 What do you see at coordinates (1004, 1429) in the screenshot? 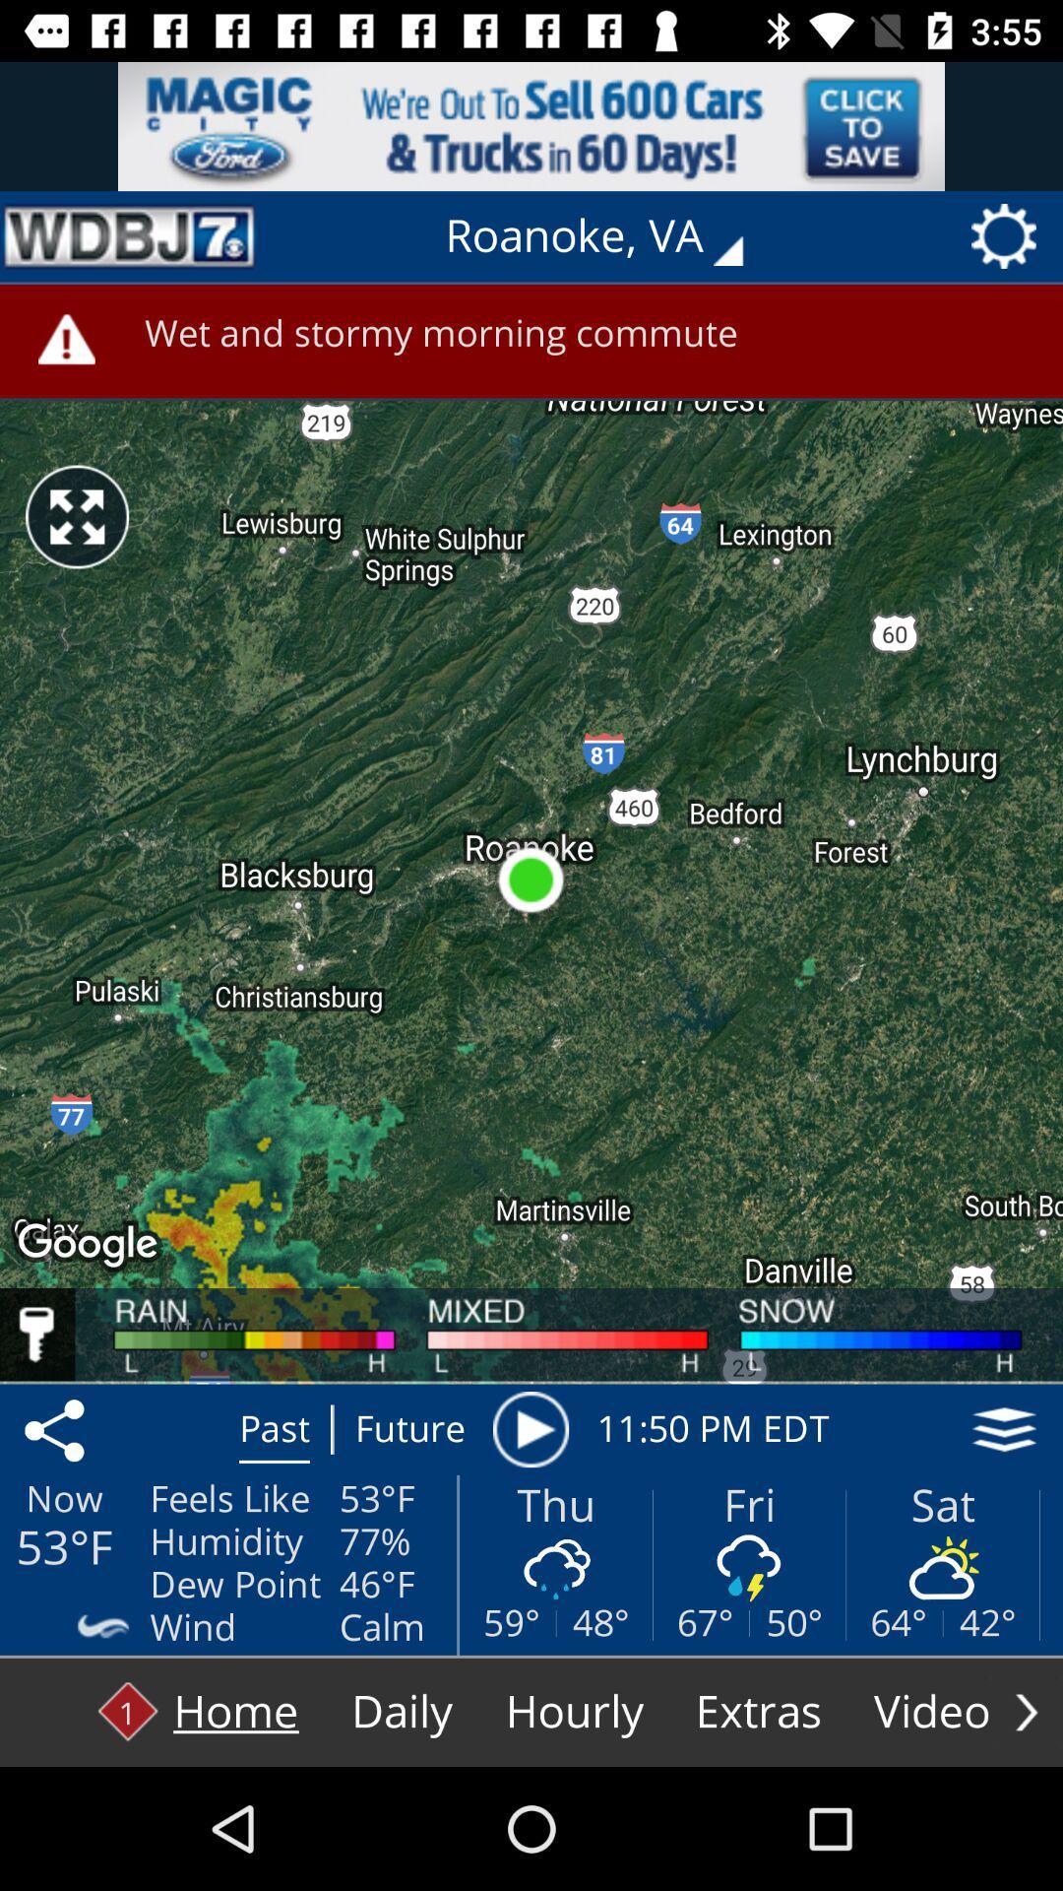
I see `the layers icon` at bounding box center [1004, 1429].